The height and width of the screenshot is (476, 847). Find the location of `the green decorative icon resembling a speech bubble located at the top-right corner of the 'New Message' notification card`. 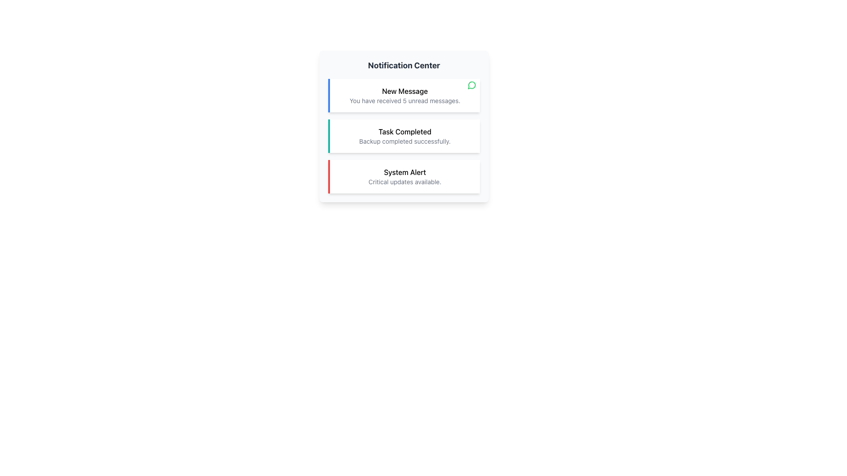

the green decorative icon resembling a speech bubble located at the top-right corner of the 'New Message' notification card is located at coordinates (472, 86).